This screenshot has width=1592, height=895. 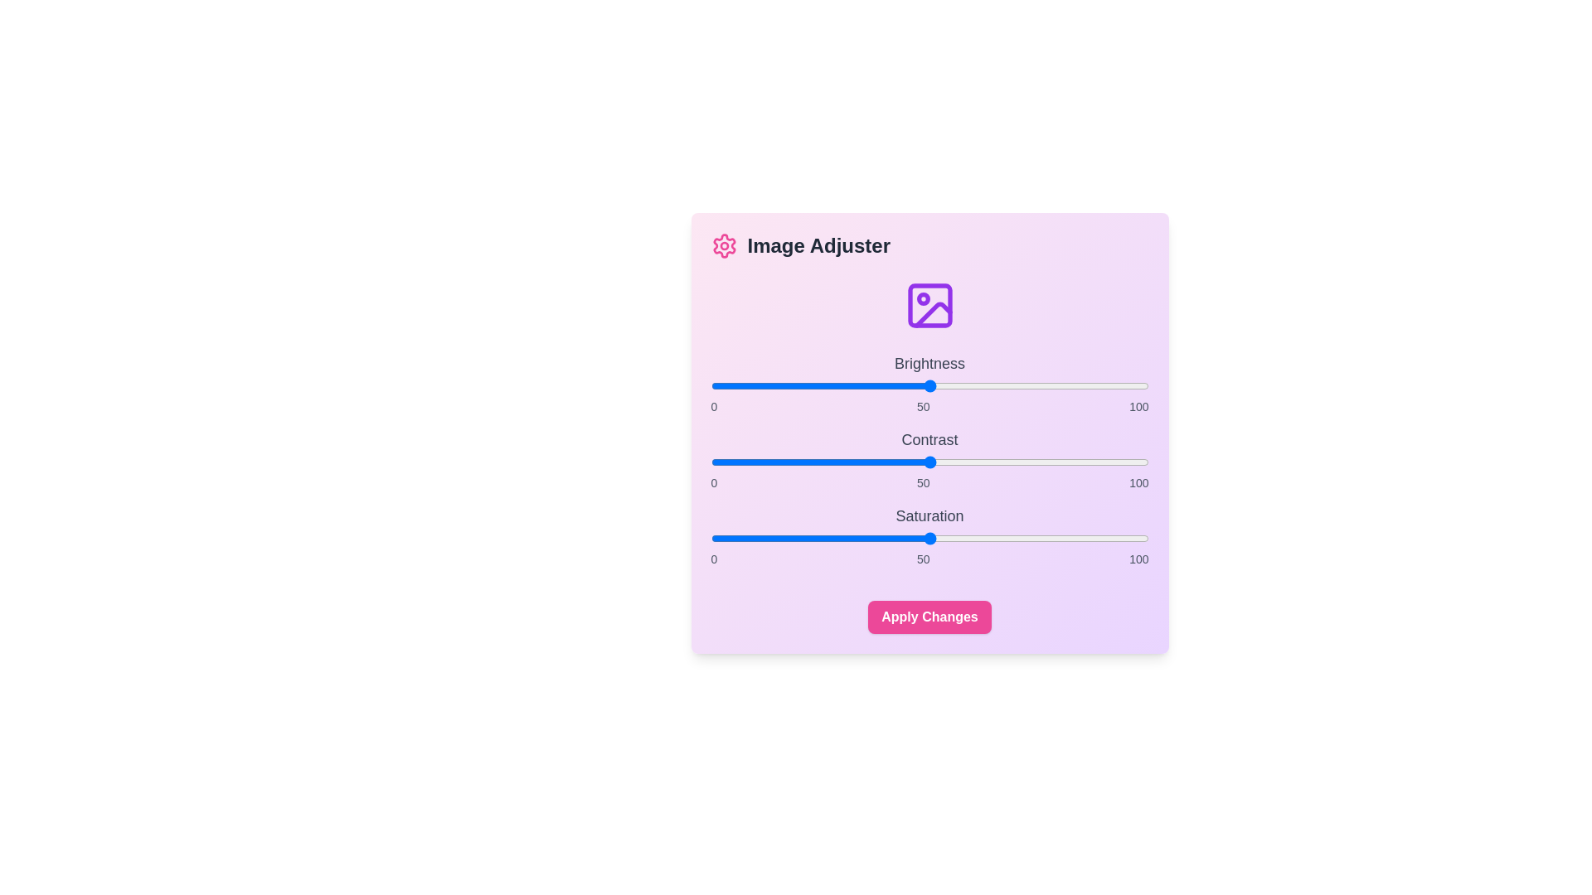 I want to click on the saturation slider to set the value to 40, so click(x=885, y=539).